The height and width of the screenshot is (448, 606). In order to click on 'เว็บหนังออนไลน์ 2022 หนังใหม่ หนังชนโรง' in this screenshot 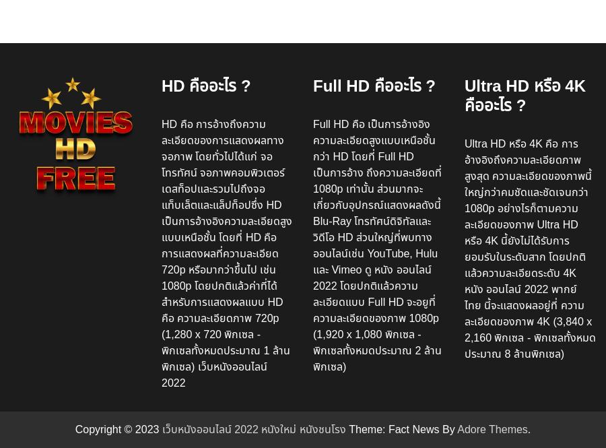, I will do `click(253, 428)`.